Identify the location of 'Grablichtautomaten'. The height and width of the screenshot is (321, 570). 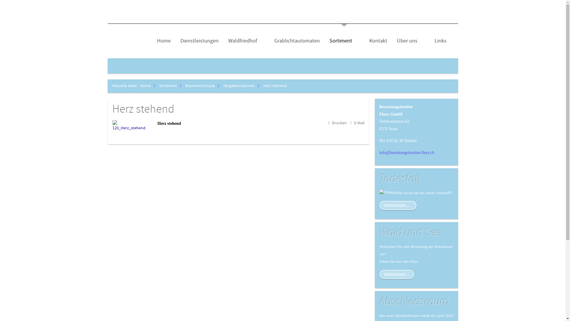
(272, 41).